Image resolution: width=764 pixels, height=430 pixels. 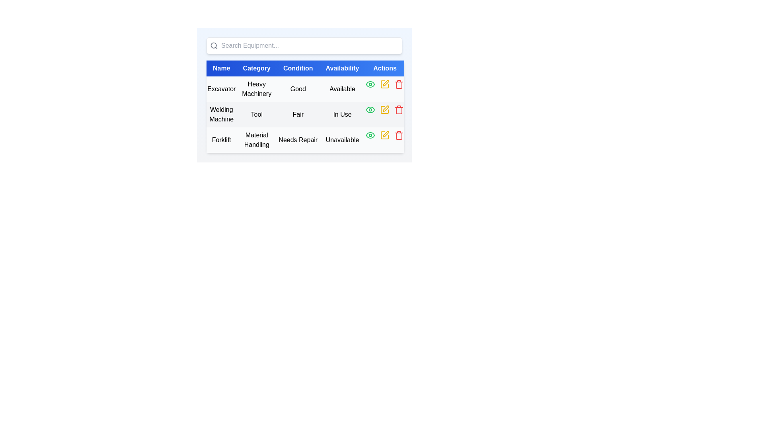 I want to click on the edit action icon located in the top-right section of the table's 'Actions' column, so click(x=386, y=83).